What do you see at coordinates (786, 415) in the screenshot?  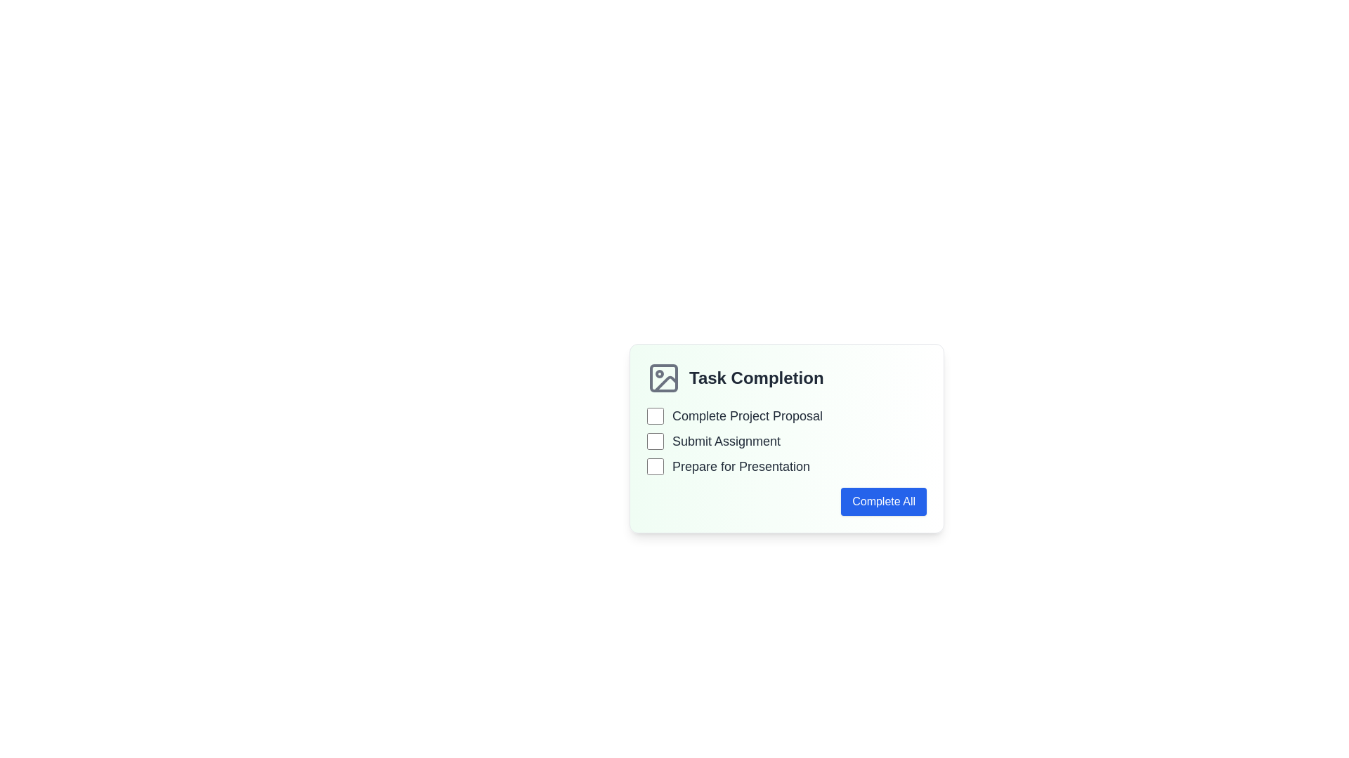 I see `the first task item in the 'Task Completion' section` at bounding box center [786, 415].